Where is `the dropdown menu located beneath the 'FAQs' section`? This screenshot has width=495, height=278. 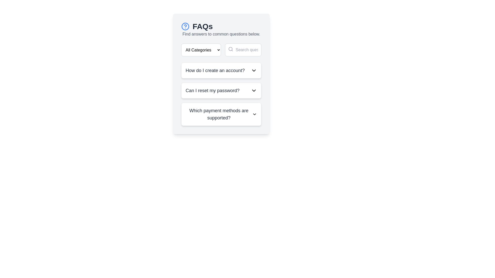 the dropdown menu located beneath the 'FAQs' section is located at coordinates (201, 50).